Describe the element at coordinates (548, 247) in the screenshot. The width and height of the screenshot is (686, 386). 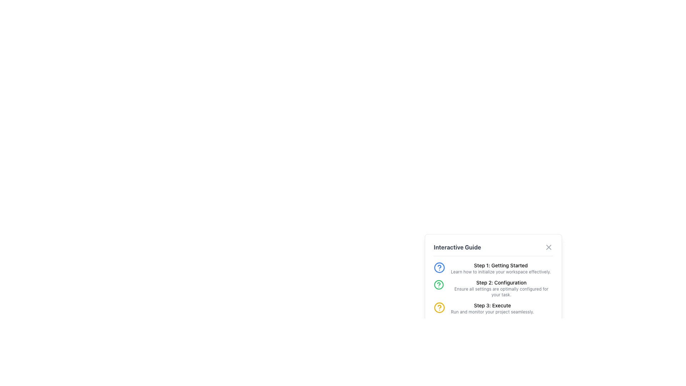
I see `the Close icon (an 'X' shape) within the SVG image component` at that location.